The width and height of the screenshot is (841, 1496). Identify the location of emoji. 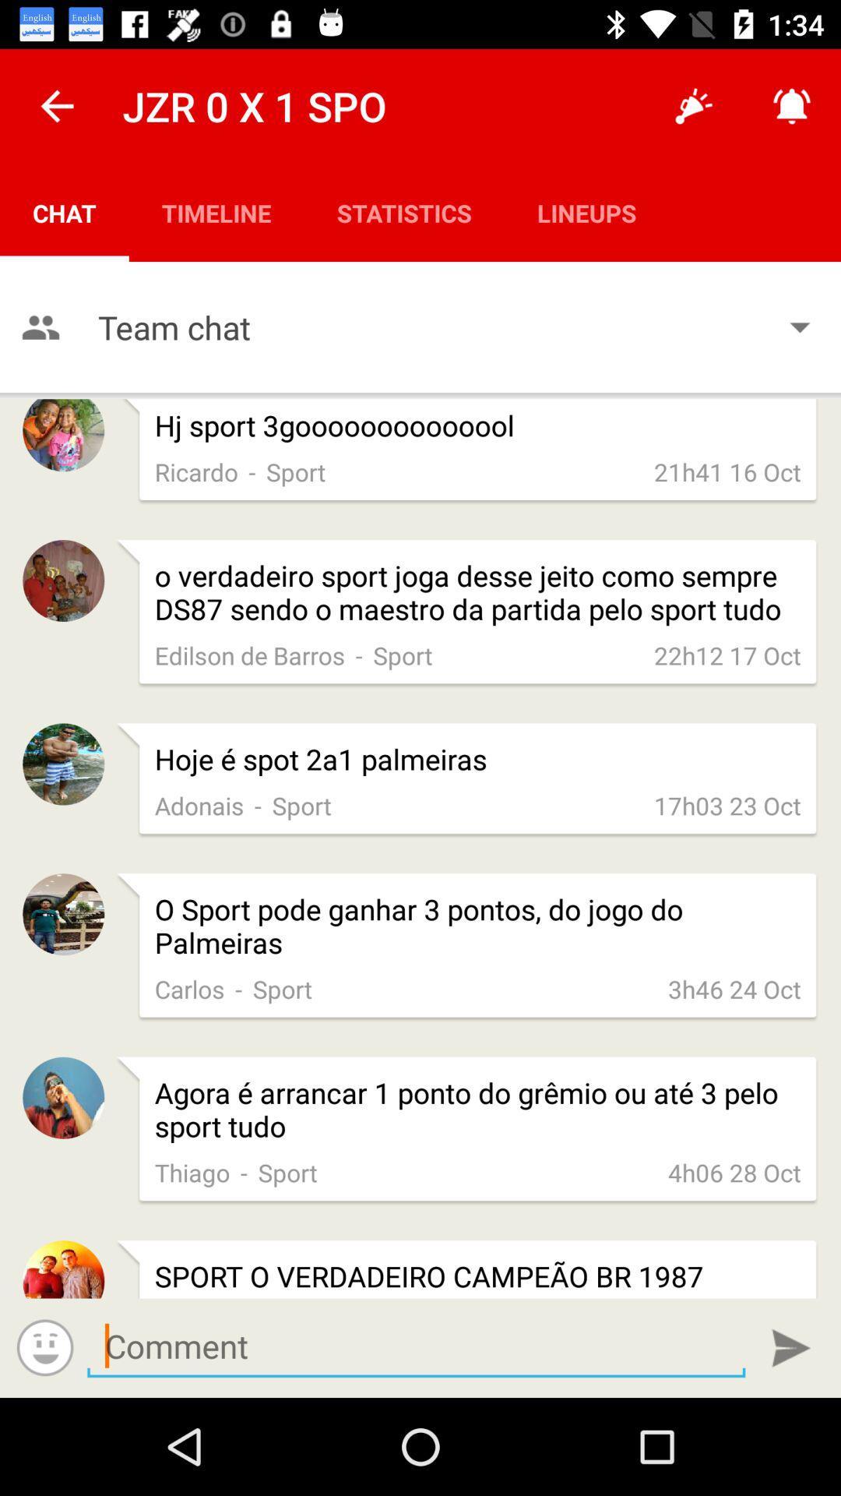
(44, 1346).